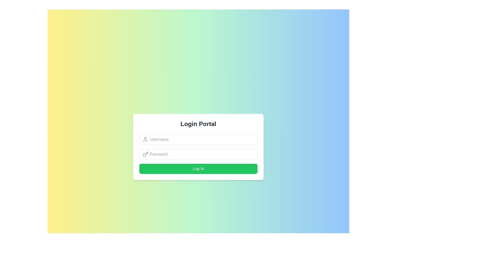  What do you see at coordinates (198, 169) in the screenshot?
I see `the submit button located at the bottom of the login form to observe the hover effect` at bounding box center [198, 169].